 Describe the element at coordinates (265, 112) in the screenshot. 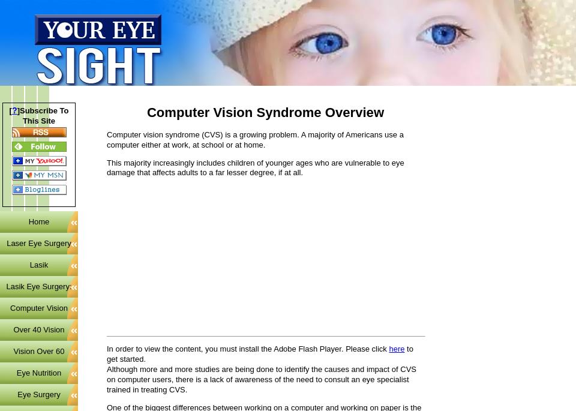

I see `'Computer Vision Syndrome Overview'` at that location.